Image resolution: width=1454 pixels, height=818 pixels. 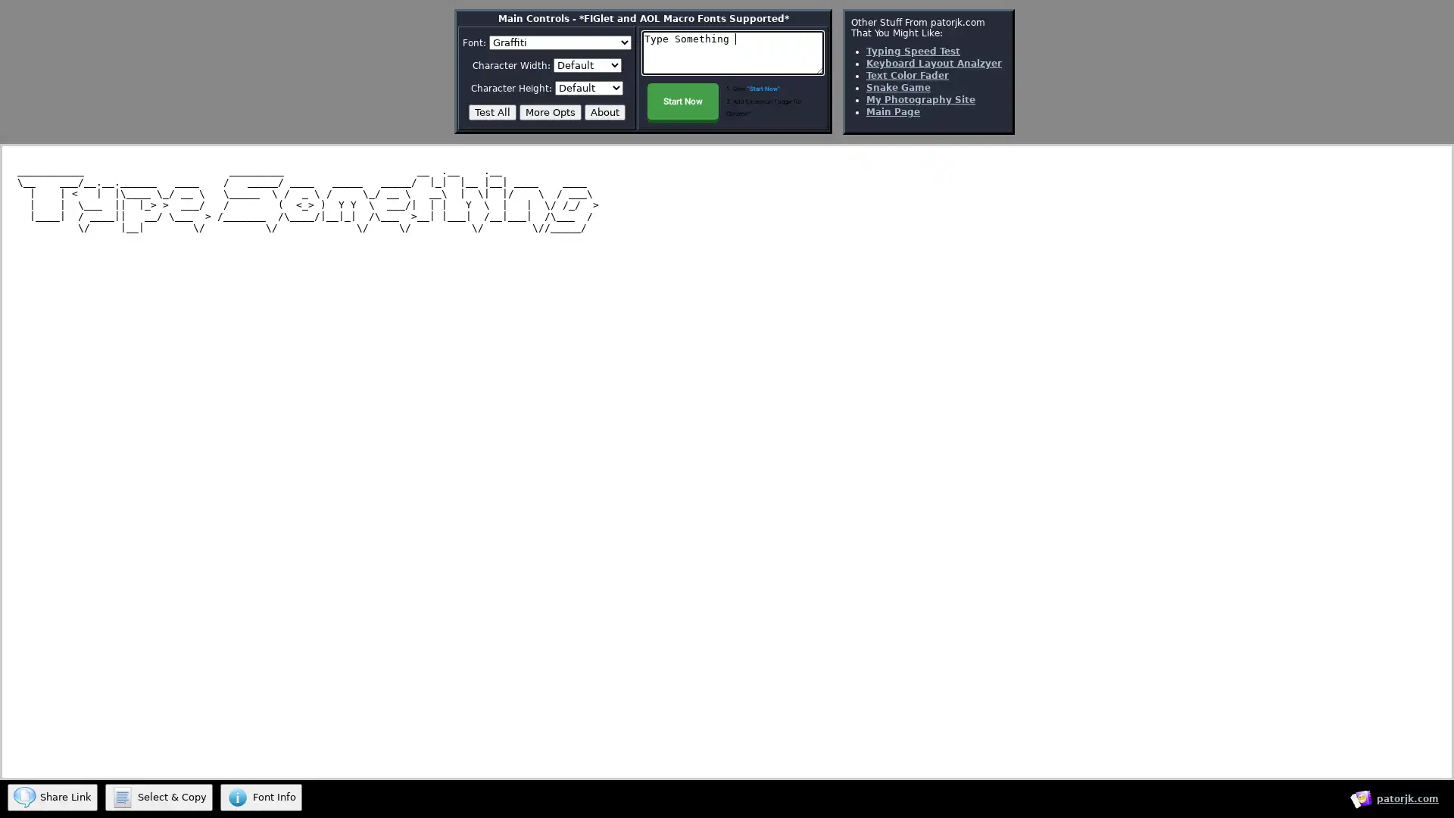 I want to click on Test All, so click(x=492, y=111).